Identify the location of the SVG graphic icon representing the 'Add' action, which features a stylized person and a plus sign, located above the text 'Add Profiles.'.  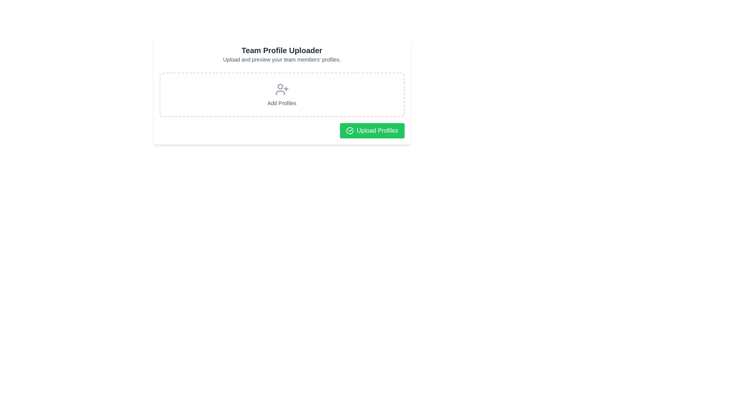
(281, 89).